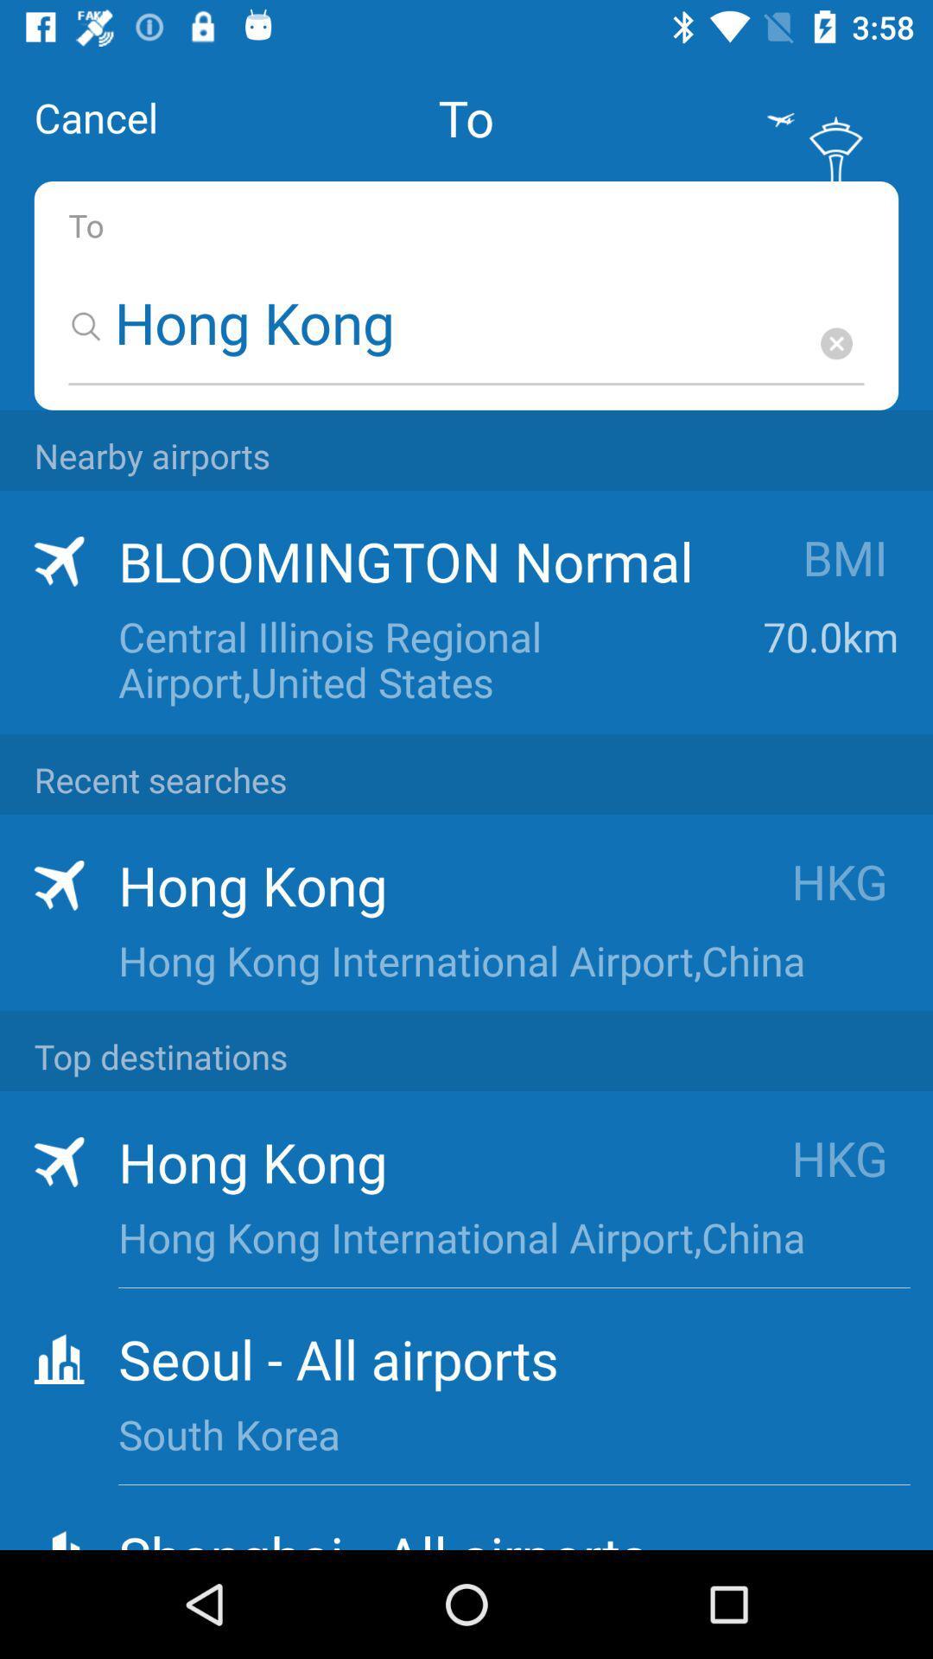 The image size is (933, 1659). What do you see at coordinates (96, 117) in the screenshot?
I see `cancel` at bounding box center [96, 117].